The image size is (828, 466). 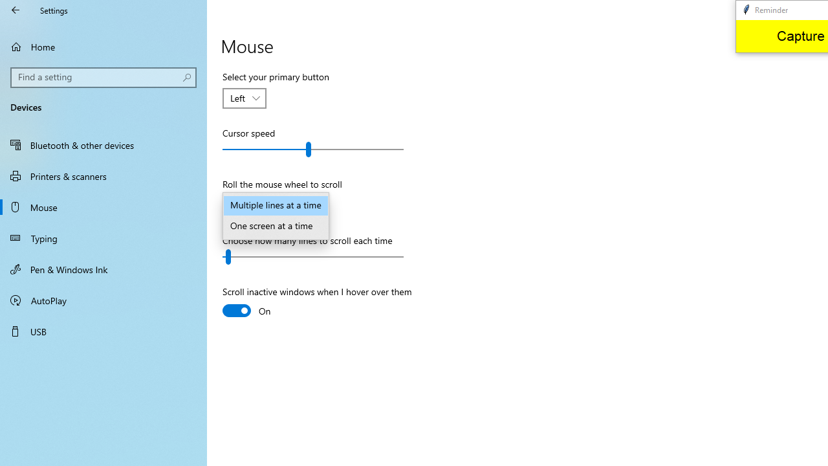 What do you see at coordinates (313, 257) in the screenshot?
I see `'Choose how many lines to scroll each time'` at bounding box center [313, 257].